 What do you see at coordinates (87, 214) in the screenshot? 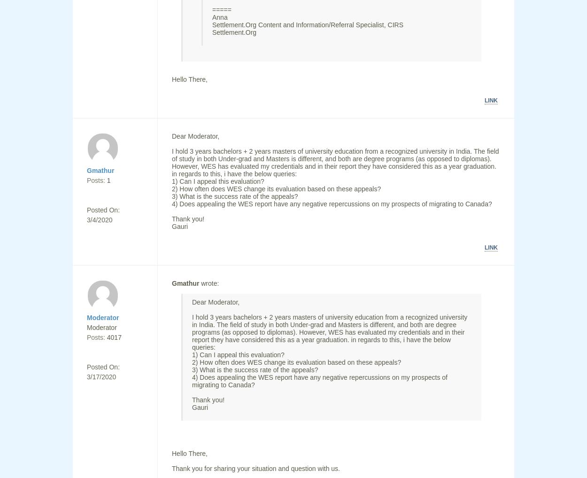
I see `'Posted On: 3/4/2020'` at bounding box center [87, 214].